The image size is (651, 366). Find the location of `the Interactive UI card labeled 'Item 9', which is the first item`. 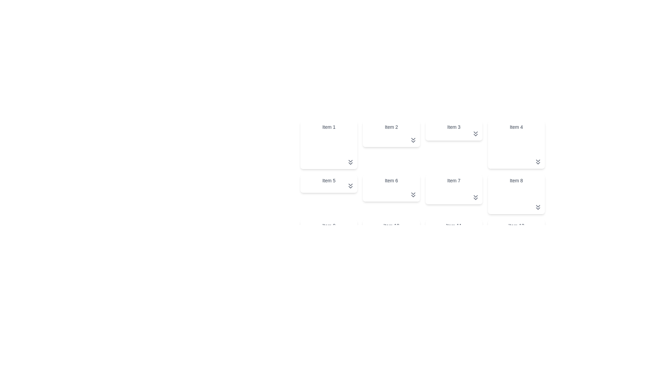

the Interactive UI card labeled 'Item 9', which is the first item is located at coordinates (329, 232).